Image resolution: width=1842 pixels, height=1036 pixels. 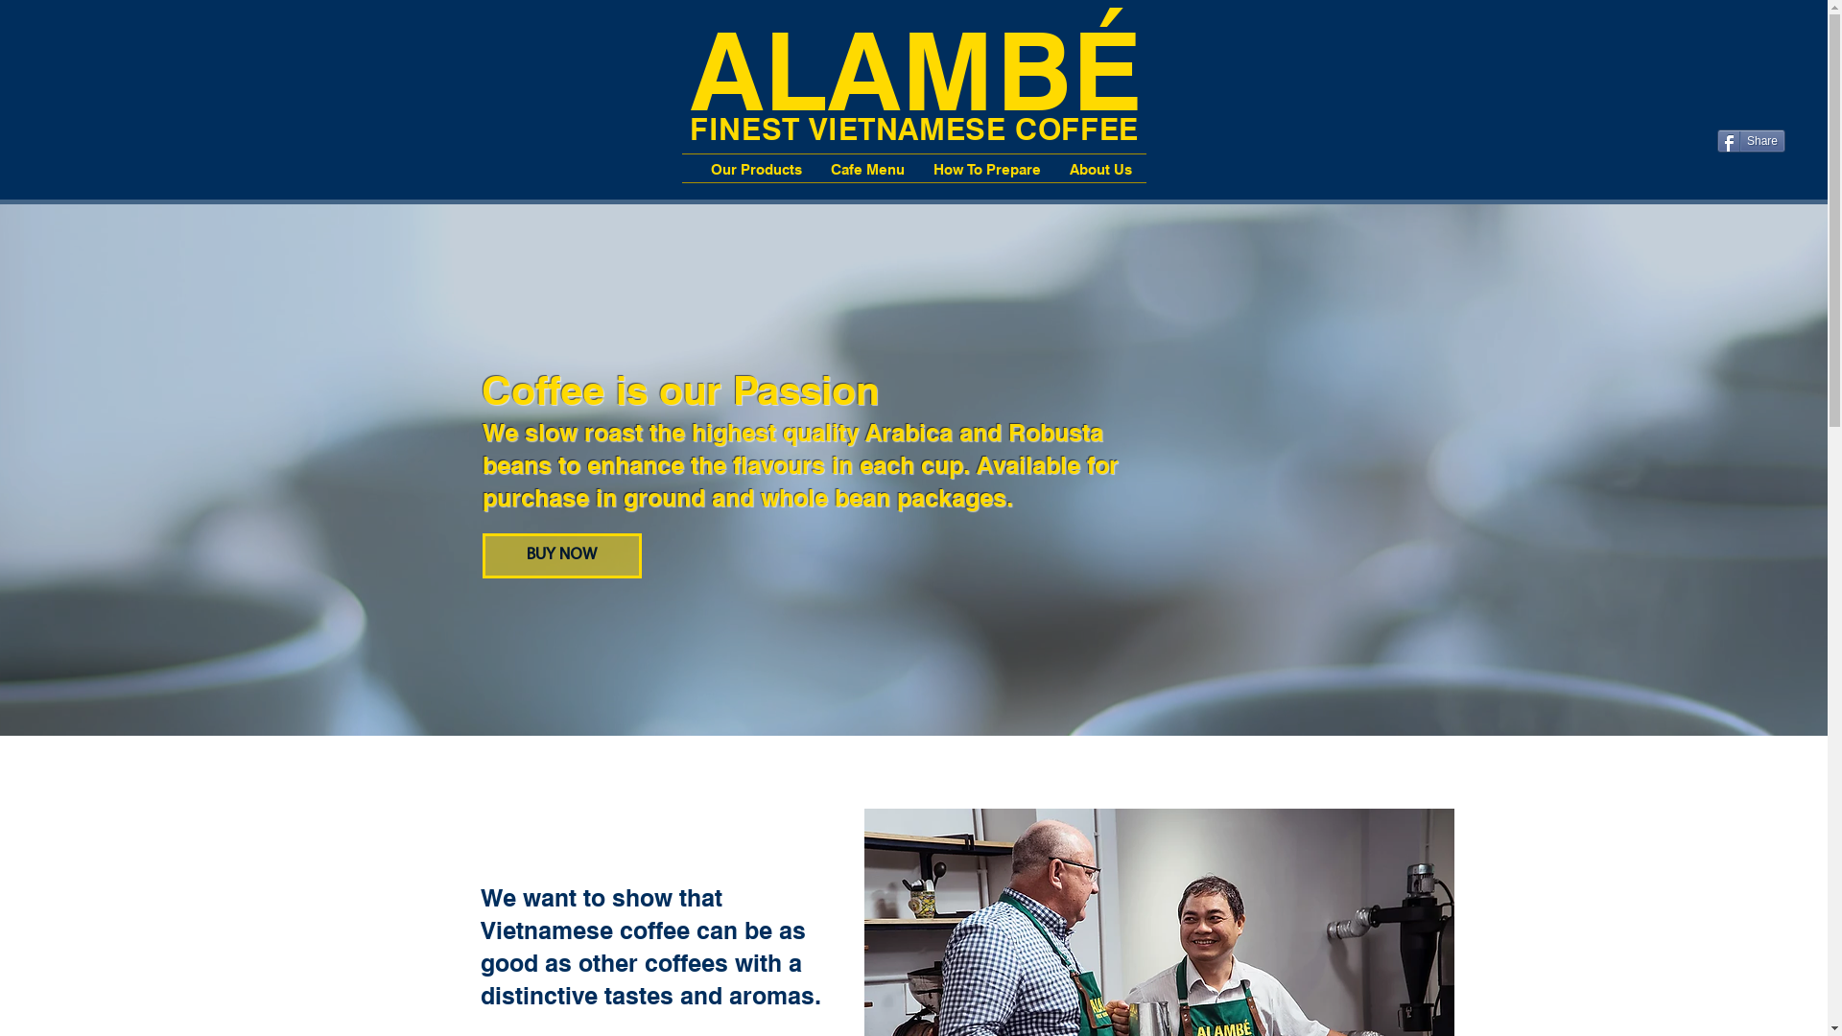 What do you see at coordinates (918, 166) in the screenshot?
I see `'How To Prepare'` at bounding box center [918, 166].